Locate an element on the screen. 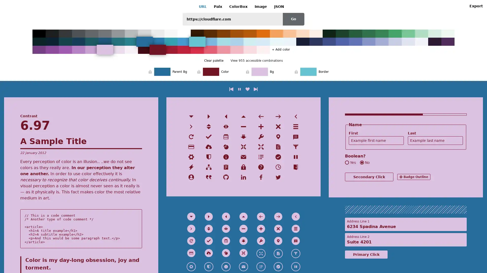 The height and width of the screenshot is (273, 487). Clear palette is located at coordinates (214, 60).